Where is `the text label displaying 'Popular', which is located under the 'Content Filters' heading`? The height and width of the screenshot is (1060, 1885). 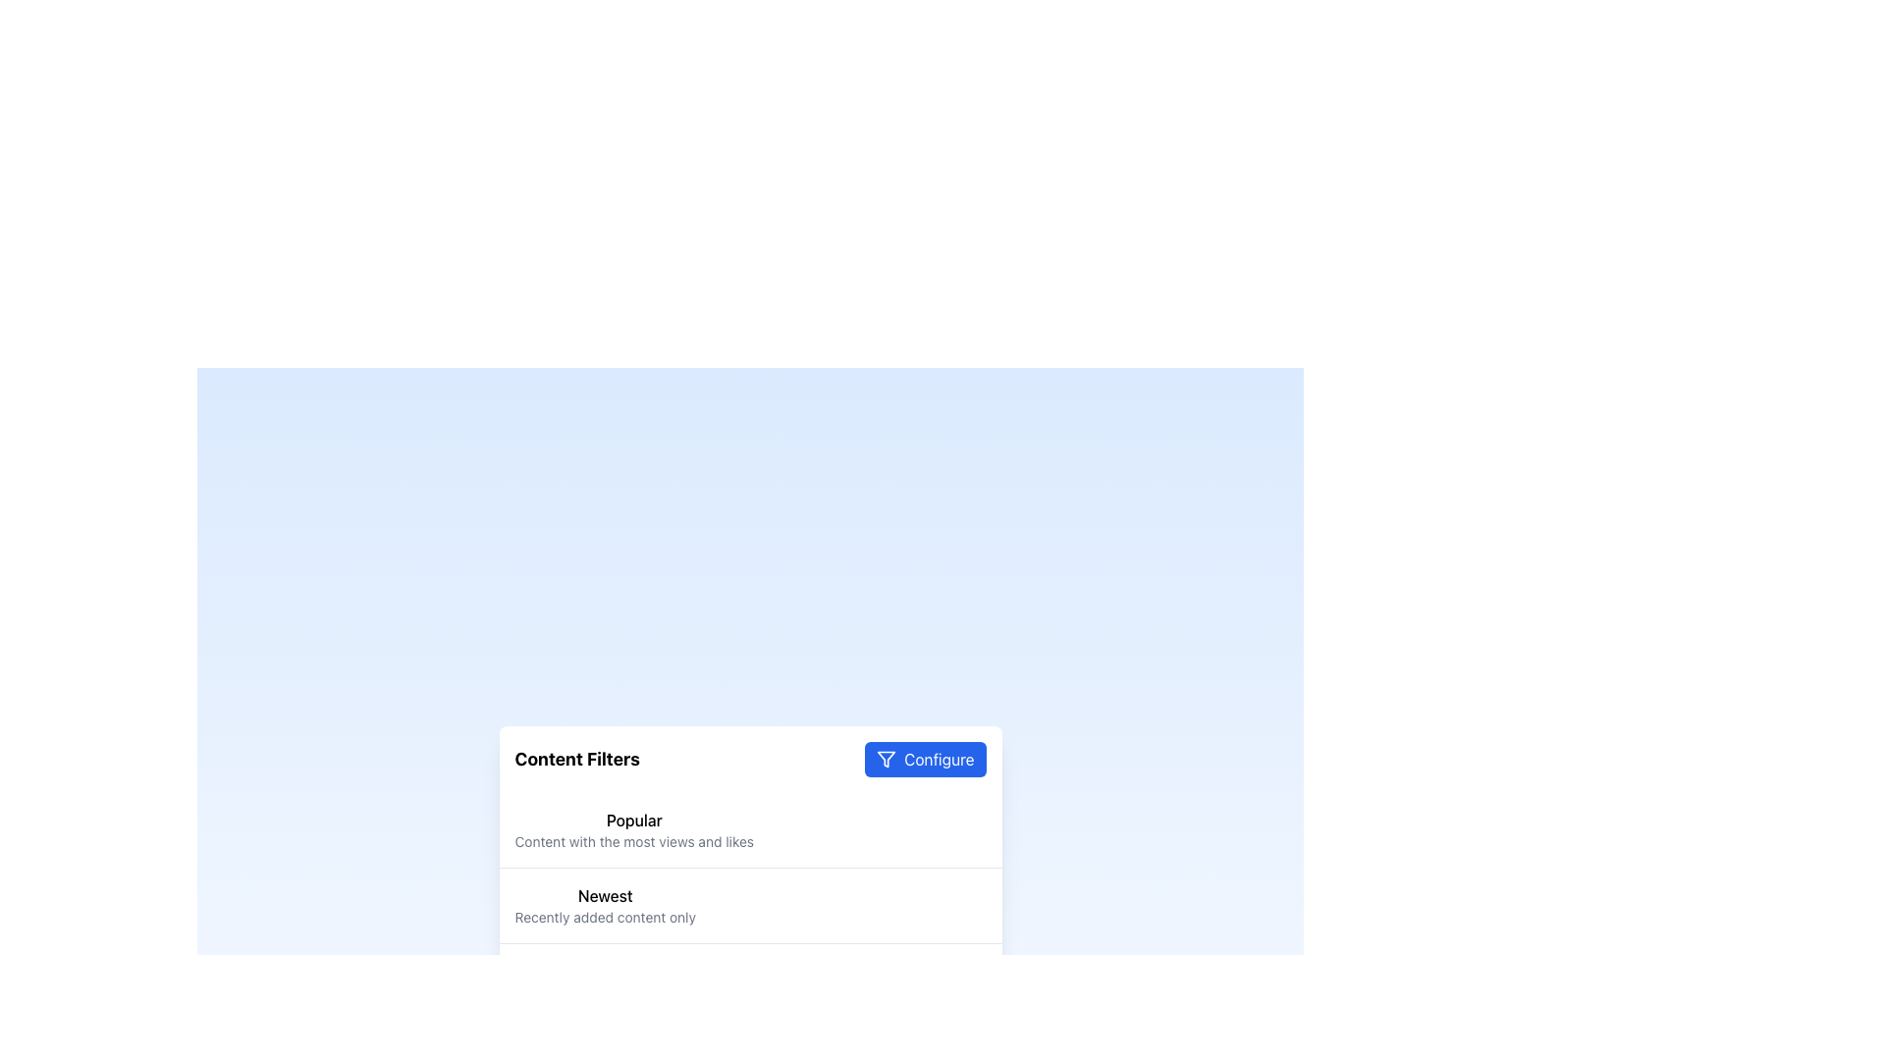
the text label displaying 'Popular', which is located under the 'Content Filters' heading is located at coordinates (634, 821).